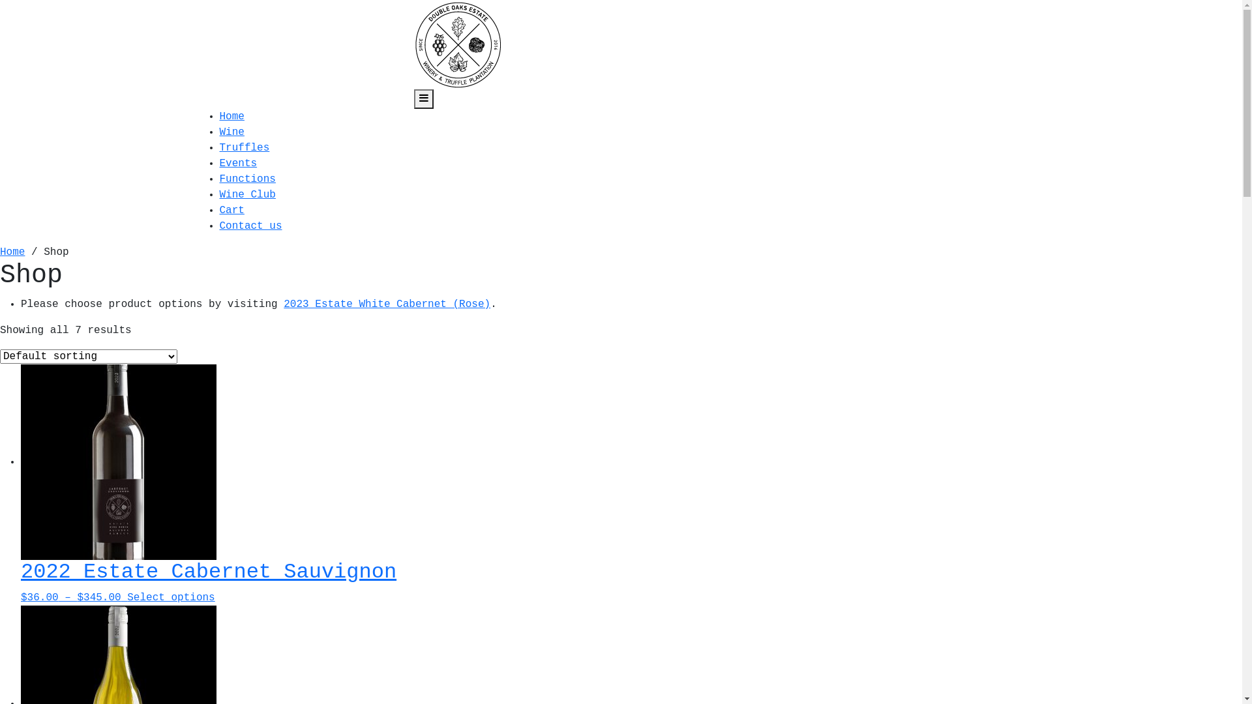 The height and width of the screenshot is (704, 1252). What do you see at coordinates (12, 252) in the screenshot?
I see `'Home'` at bounding box center [12, 252].